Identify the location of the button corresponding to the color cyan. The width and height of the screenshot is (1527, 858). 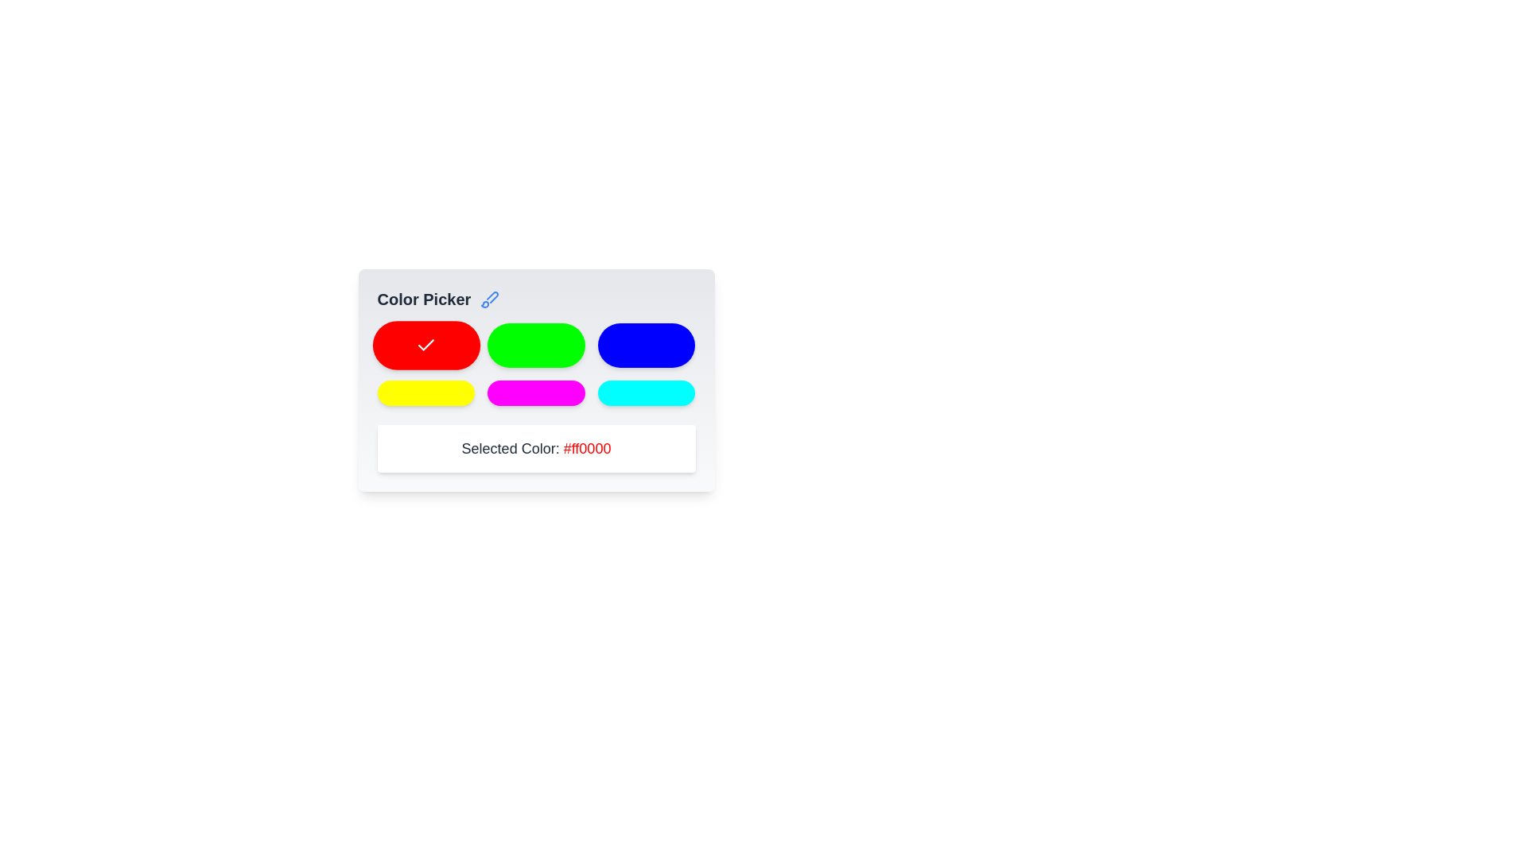
(647, 392).